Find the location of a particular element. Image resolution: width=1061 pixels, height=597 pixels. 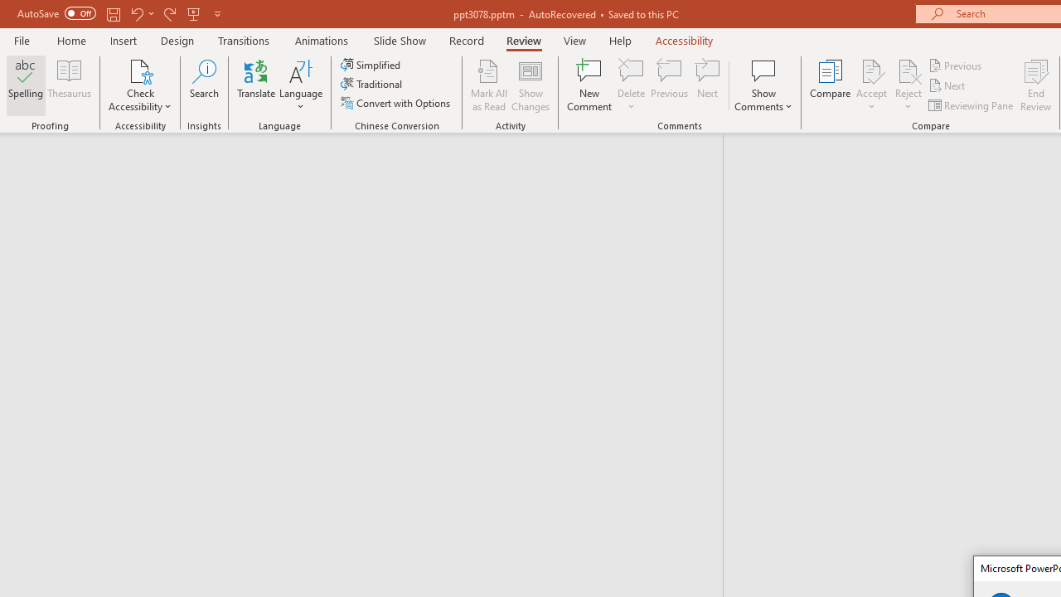

'Show Changes' is located at coordinates (530, 85).